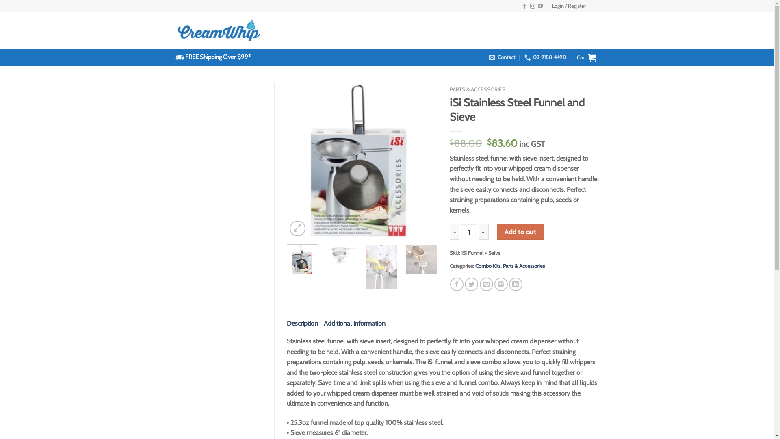 The height and width of the screenshot is (439, 780). What do you see at coordinates (477, 89) in the screenshot?
I see `'PARTS & ACCESSORIES'` at bounding box center [477, 89].